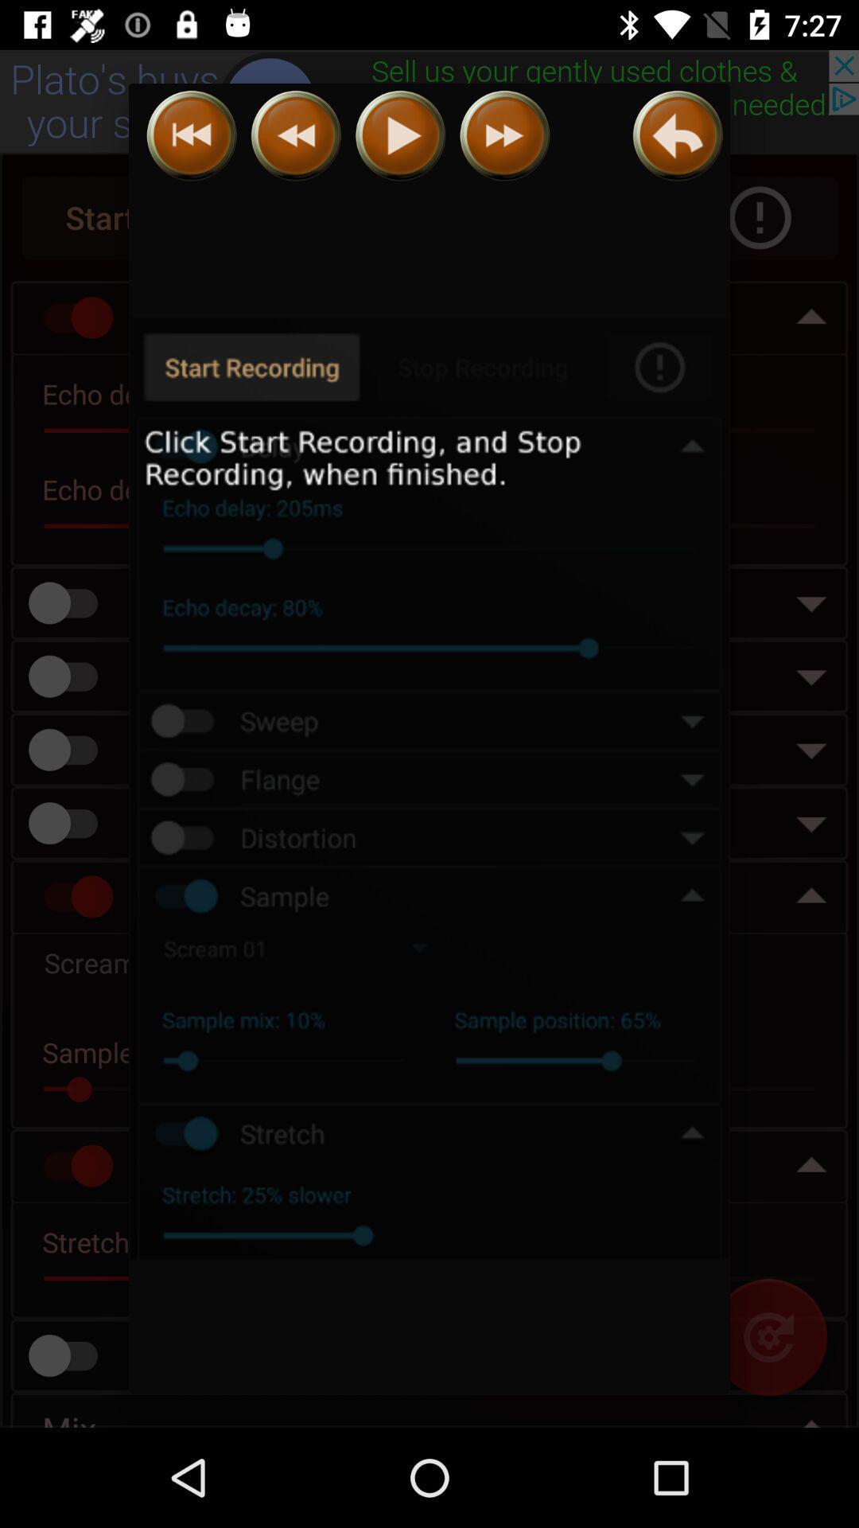 The height and width of the screenshot is (1528, 859). Describe the element at coordinates (191, 135) in the screenshot. I see `previous song` at that location.